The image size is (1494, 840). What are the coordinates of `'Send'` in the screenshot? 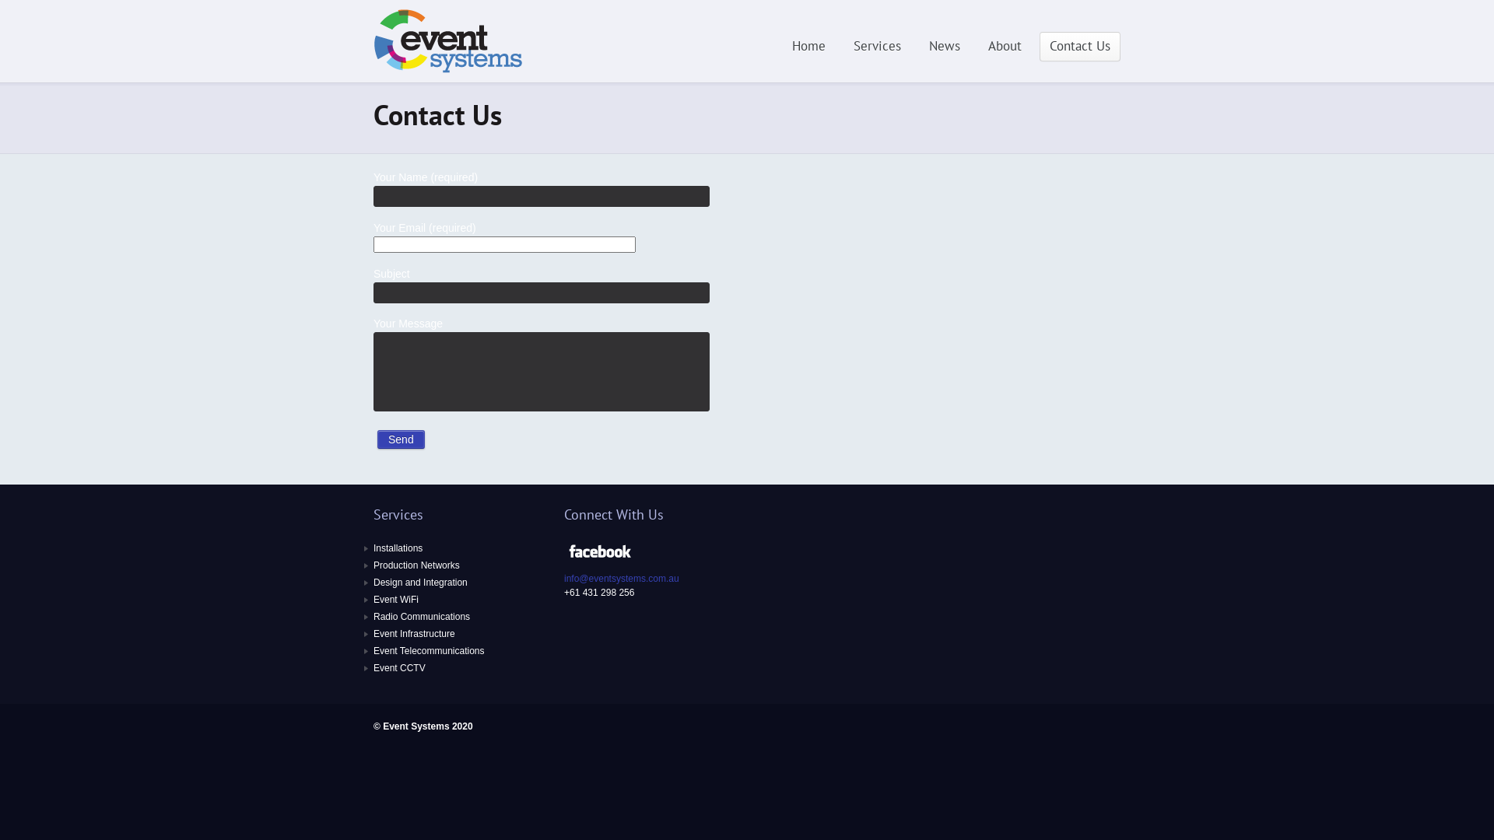 It's located at (401, 439).